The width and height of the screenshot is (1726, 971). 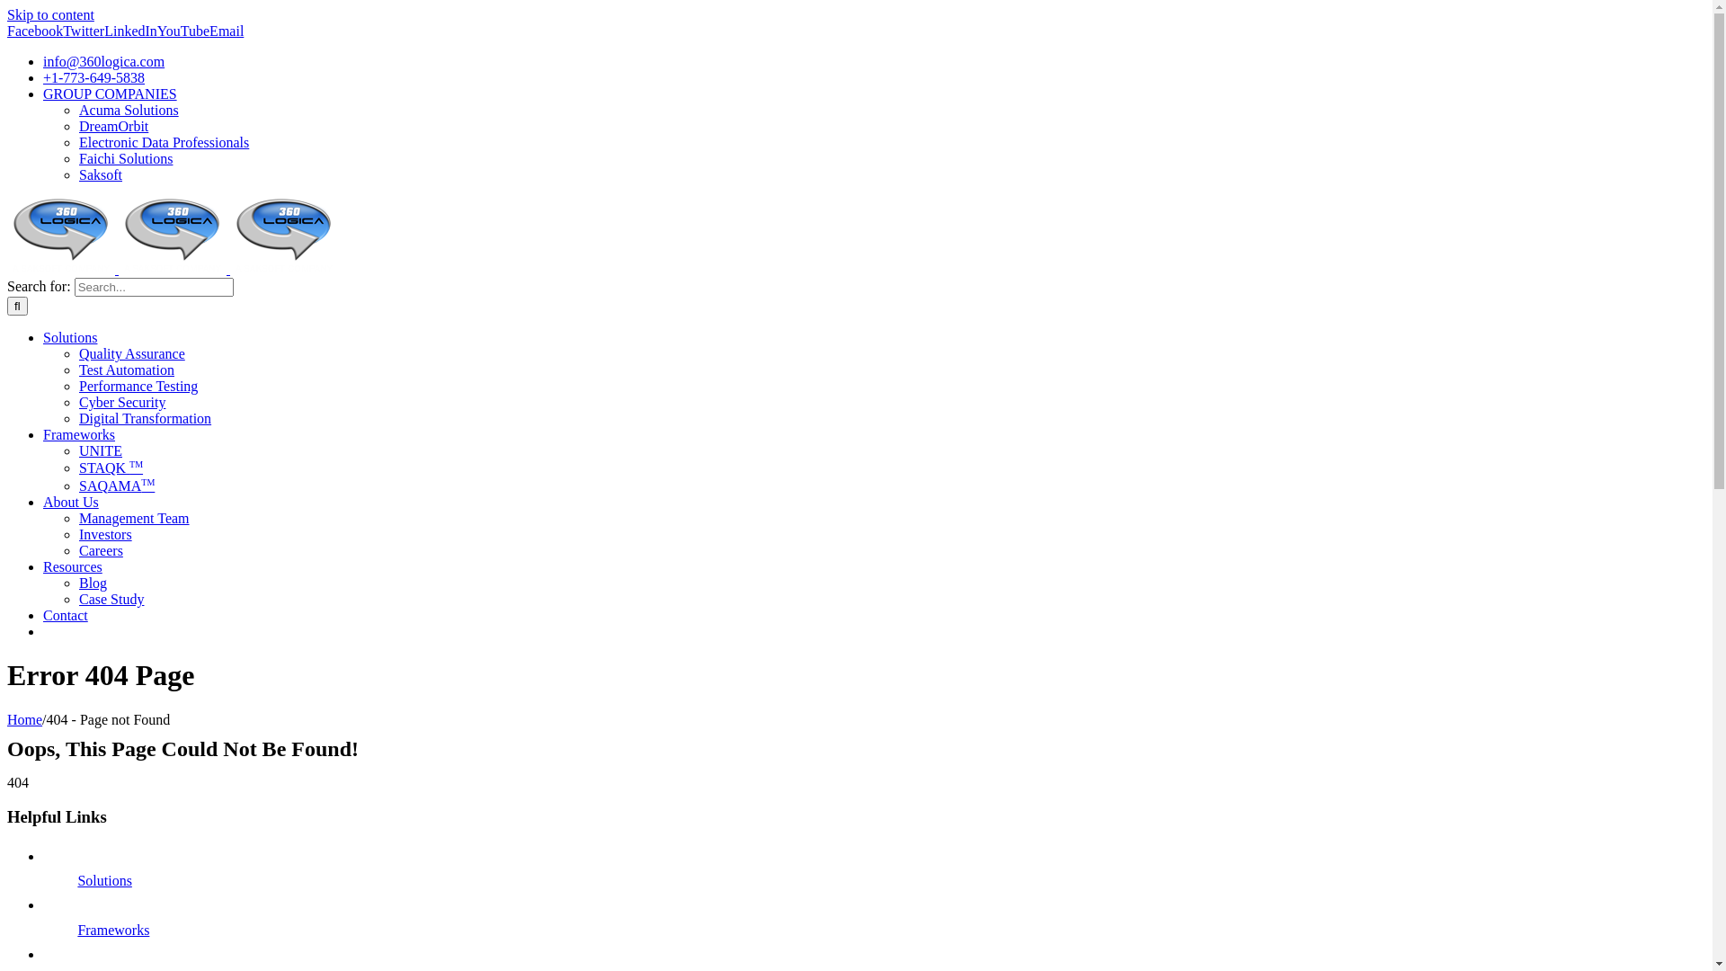 I want to click on 'Facebook', so click(x=34, y=31).